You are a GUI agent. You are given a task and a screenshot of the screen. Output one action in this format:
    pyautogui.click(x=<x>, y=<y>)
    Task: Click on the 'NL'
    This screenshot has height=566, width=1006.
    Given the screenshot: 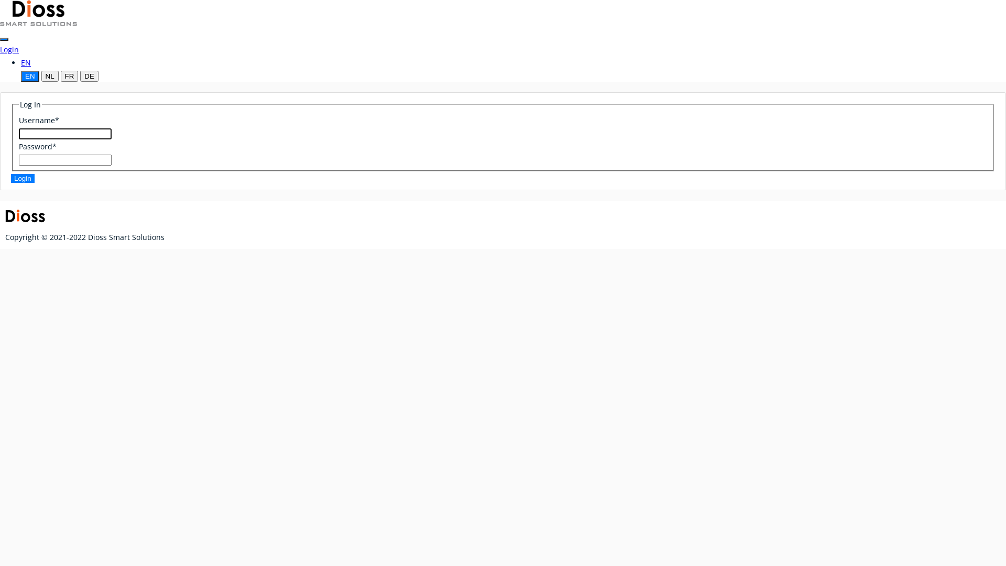 What is the action you would take?
    pyautogui.click(x=49, y=75)
    